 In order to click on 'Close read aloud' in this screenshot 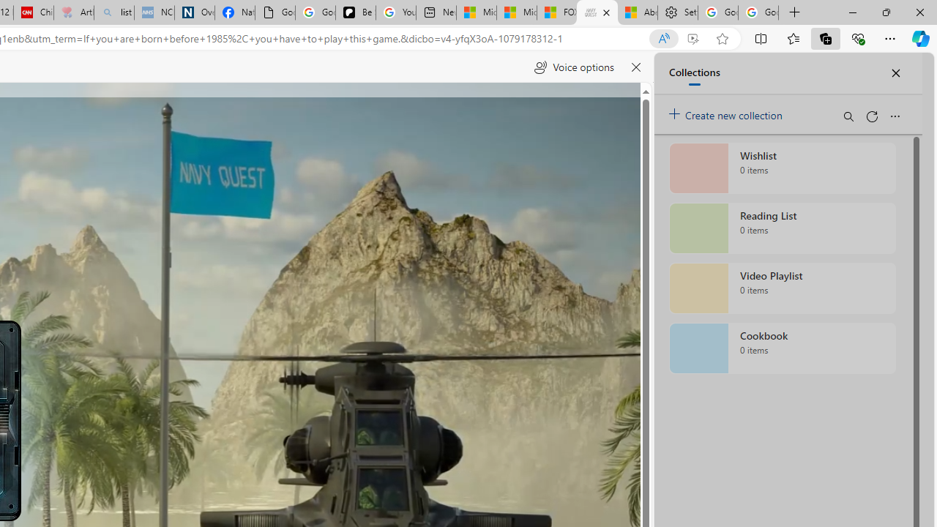, I will do `click(635, 67)`.